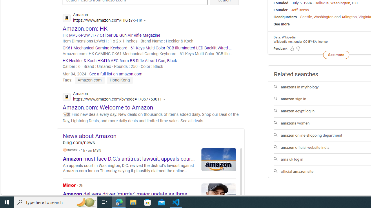  I want to click on 'Jeff Bezos', so click(300, 10).